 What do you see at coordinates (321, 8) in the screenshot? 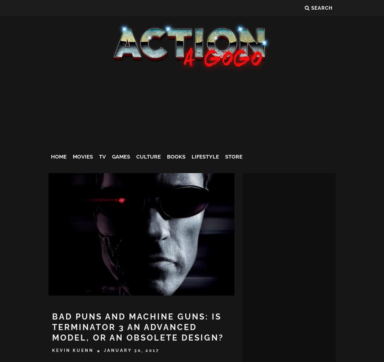
I see `'Search'` at bounding box center [321, 8].